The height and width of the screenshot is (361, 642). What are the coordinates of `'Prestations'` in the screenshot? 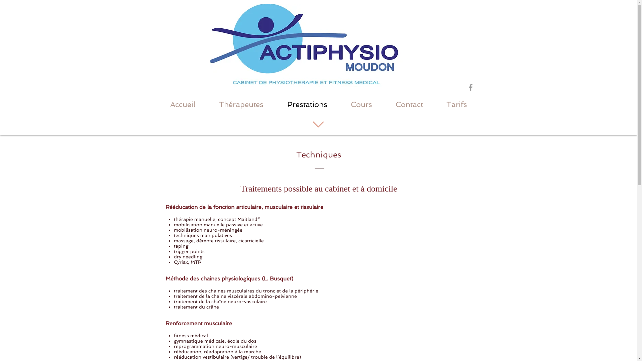 It's located at (276, 104).